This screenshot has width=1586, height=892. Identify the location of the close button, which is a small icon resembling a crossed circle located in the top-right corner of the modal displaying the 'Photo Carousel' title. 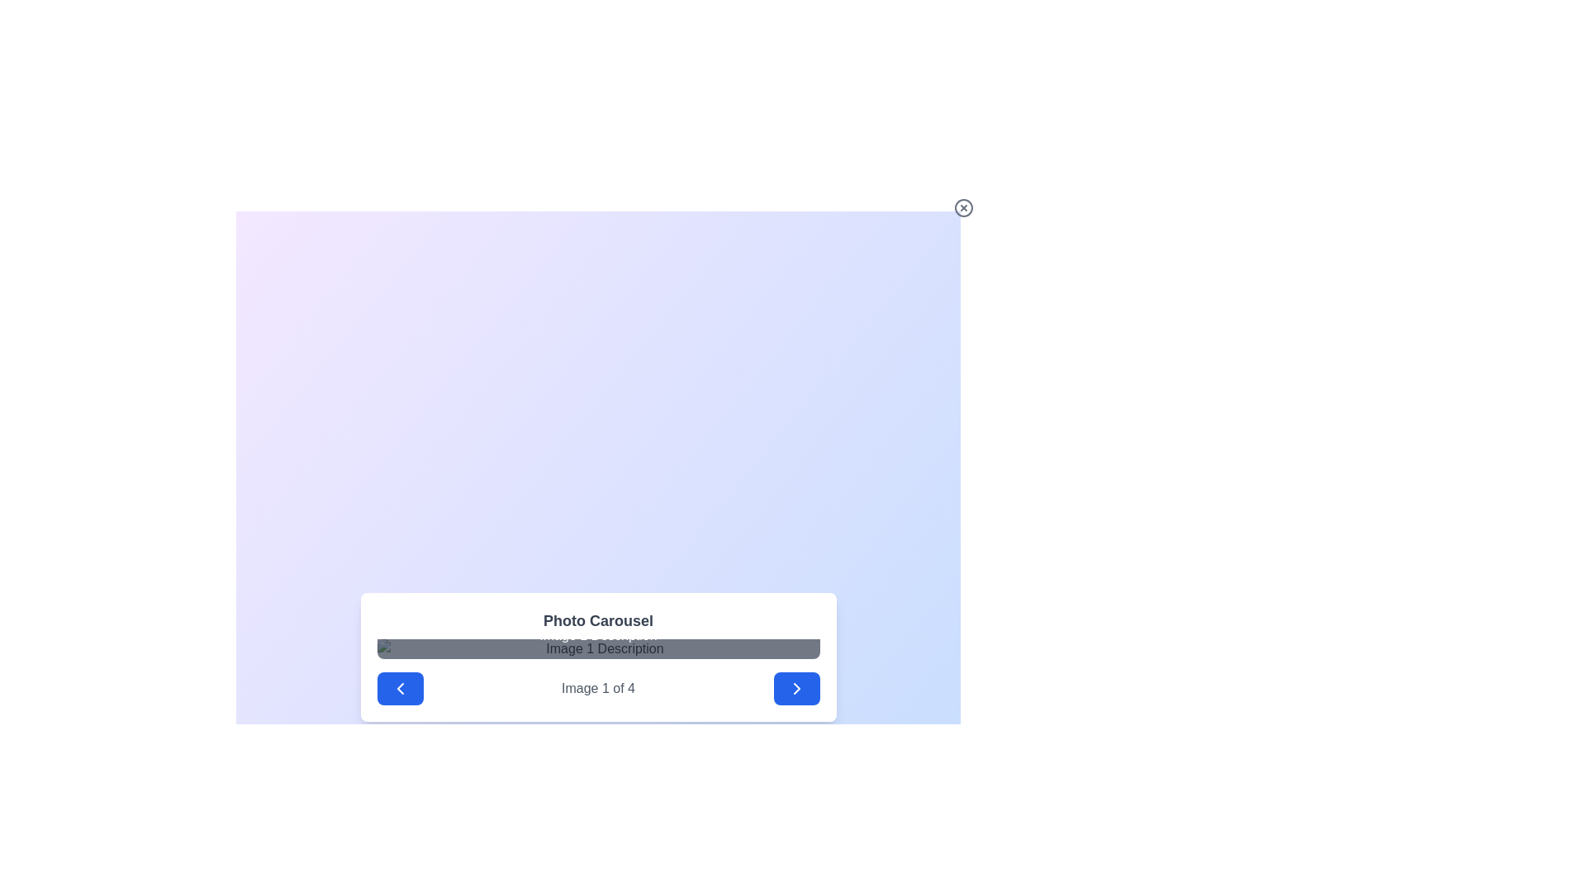
(963, 206).